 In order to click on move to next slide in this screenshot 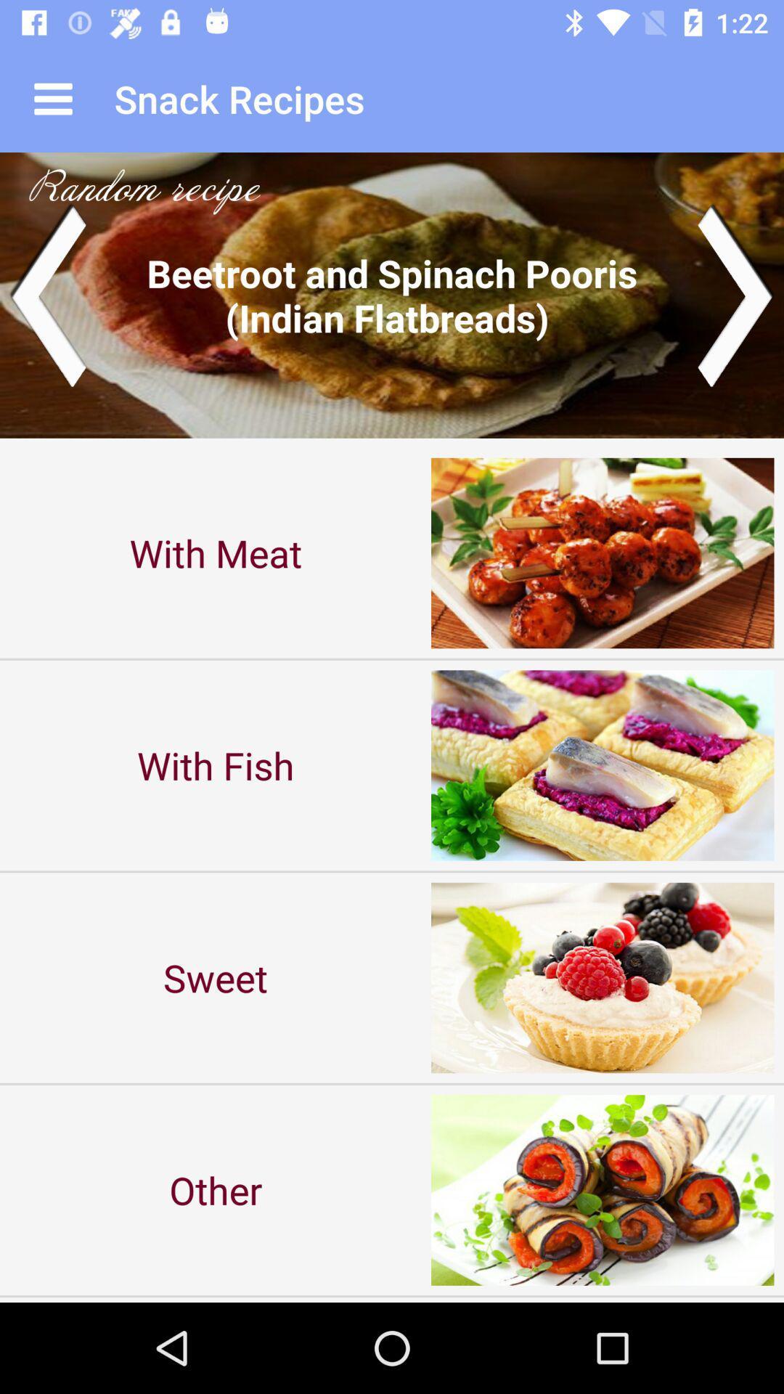, I will do `click(736, 294)`.